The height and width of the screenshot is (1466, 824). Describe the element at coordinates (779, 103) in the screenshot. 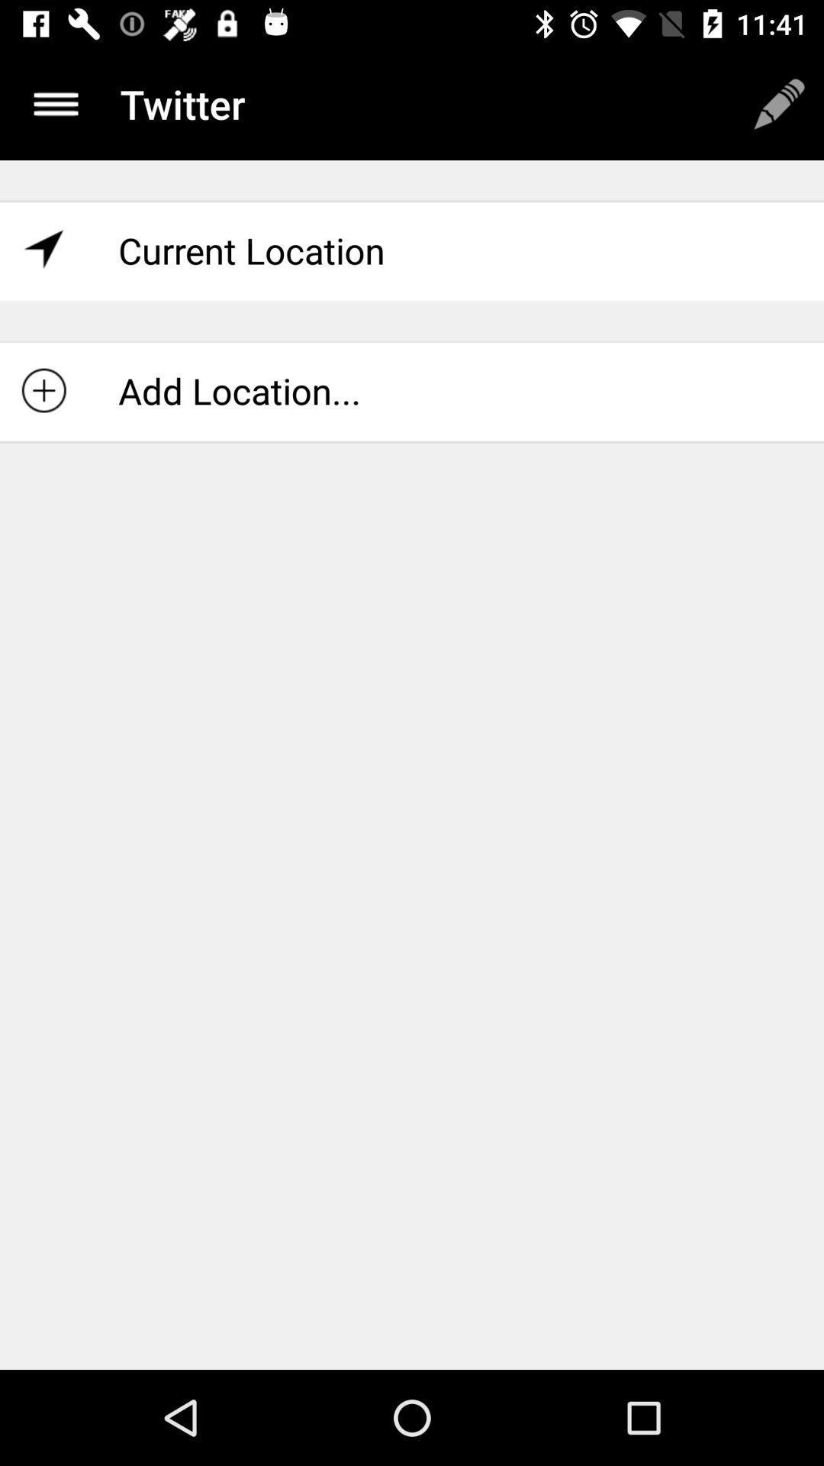

I see `the edit icon` at that location.